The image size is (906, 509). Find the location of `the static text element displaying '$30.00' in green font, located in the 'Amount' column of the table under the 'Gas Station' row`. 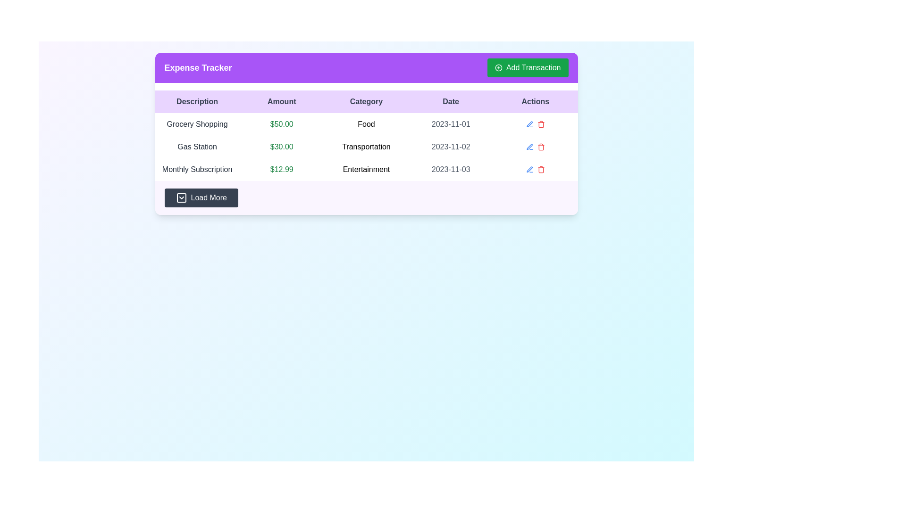

the static text element displaying '$30.00' in green font, located in the 'Amount' column of the table under the 'Gas Station' row is located at coordinates (281, 147).